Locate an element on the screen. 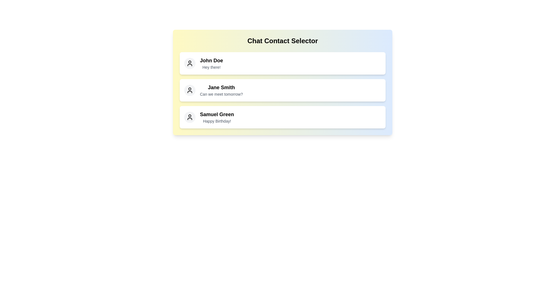  the contact named Jane Smith to select it is located at coordinates (282, 90).